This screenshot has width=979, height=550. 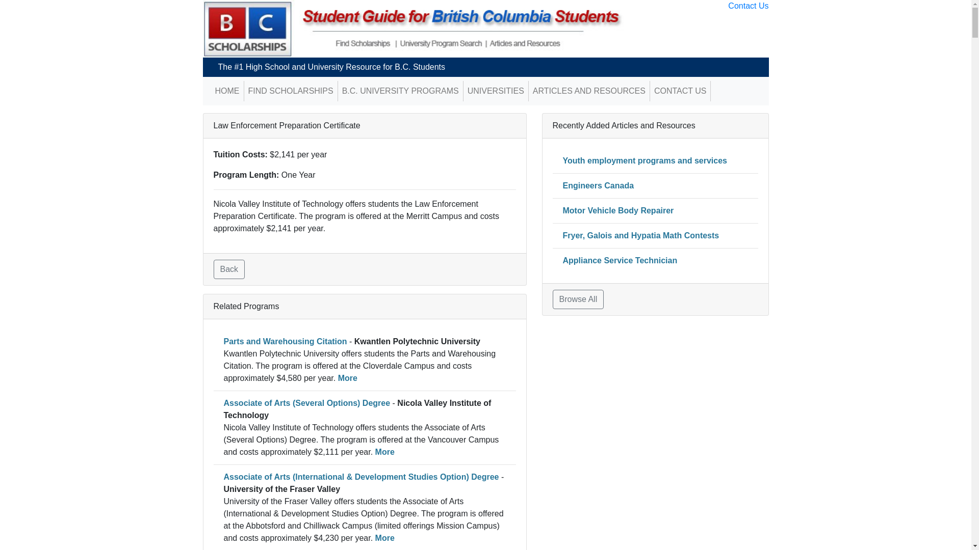 What do you see at coordinates (680, 90) in the screenshot?
I see `'CONTACT US'` at bounding box center [680, 90].